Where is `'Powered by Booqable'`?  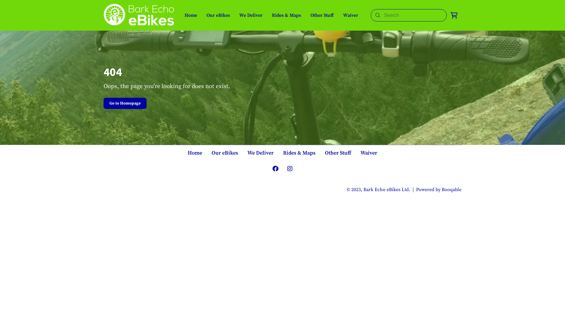
'Powered by Booqable' is located at coordinates (439, 190).